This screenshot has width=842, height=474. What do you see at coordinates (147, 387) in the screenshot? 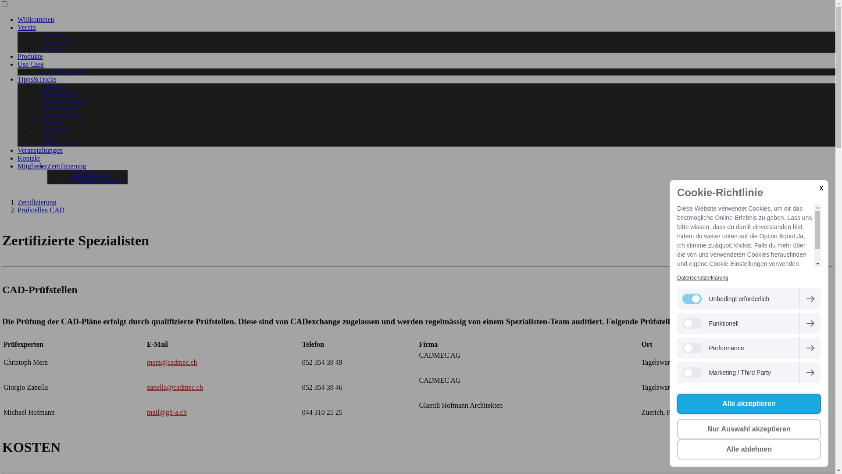
I see `'zanella@cadmec.ch'` at bounding box center [147, 387].